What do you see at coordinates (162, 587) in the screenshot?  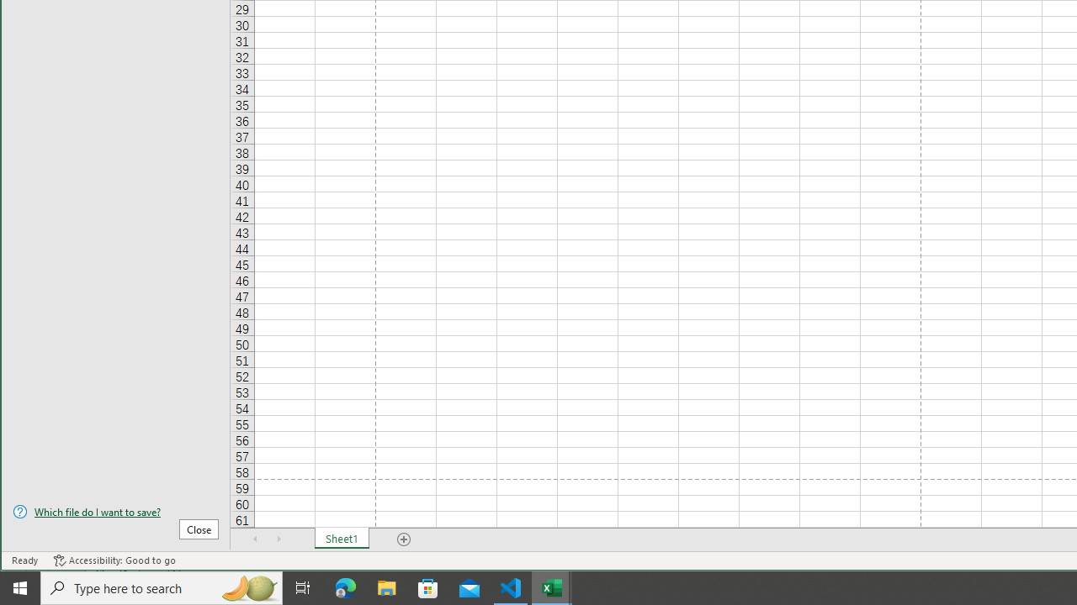 I see `'Type here to search'` at bounding box center [162, 587].